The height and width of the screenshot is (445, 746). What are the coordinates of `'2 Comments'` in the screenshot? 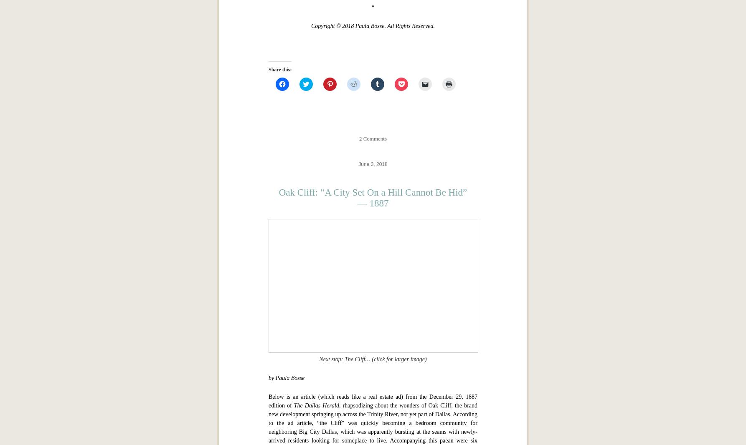 It's located at (372, 400).